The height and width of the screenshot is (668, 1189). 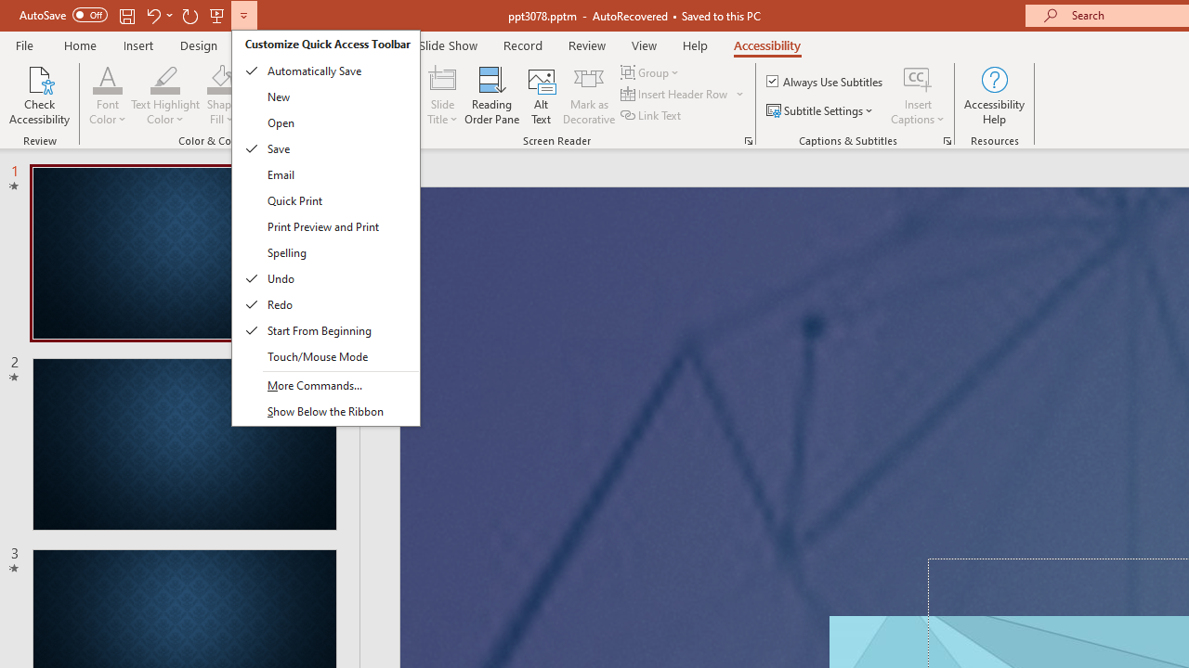 I want to click on 'Reading Order Pane', so click(x=491, y=96).